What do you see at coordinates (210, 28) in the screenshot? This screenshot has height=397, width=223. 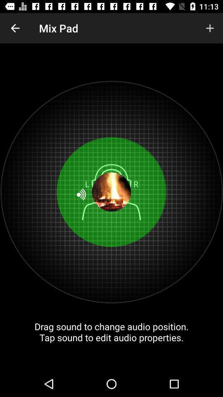 I see `the app next to mix pad item` at bounding box center [210, 28].